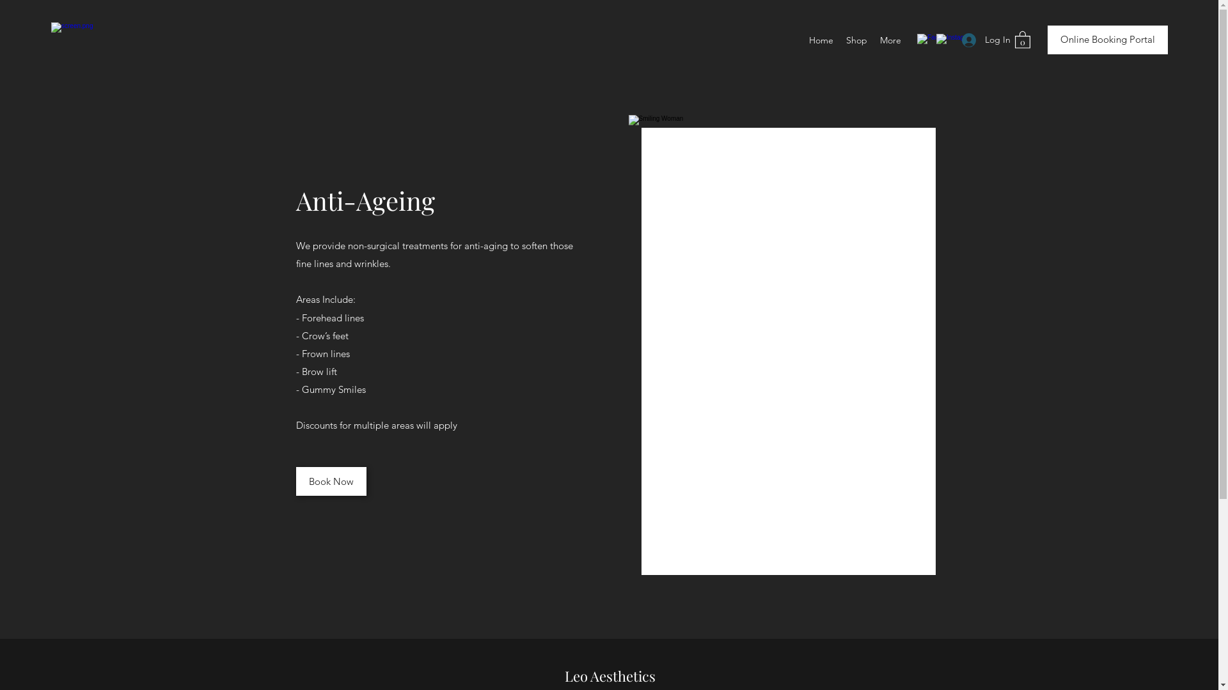 The height and width of the screenshot is (690, 1228). What do you see at coordinates (1014, 38) in the screenshot?
I see `'0'` at bounding box center [1014, 38].